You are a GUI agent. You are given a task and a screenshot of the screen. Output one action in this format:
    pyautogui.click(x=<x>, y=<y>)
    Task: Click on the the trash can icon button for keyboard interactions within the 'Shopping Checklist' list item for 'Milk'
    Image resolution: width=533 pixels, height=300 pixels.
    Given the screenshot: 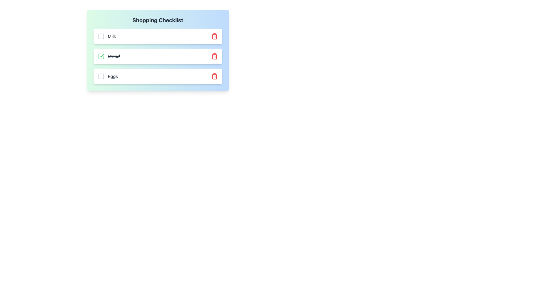 What is the action you would take?
    pyautogui.click(x=214, y=36)
    